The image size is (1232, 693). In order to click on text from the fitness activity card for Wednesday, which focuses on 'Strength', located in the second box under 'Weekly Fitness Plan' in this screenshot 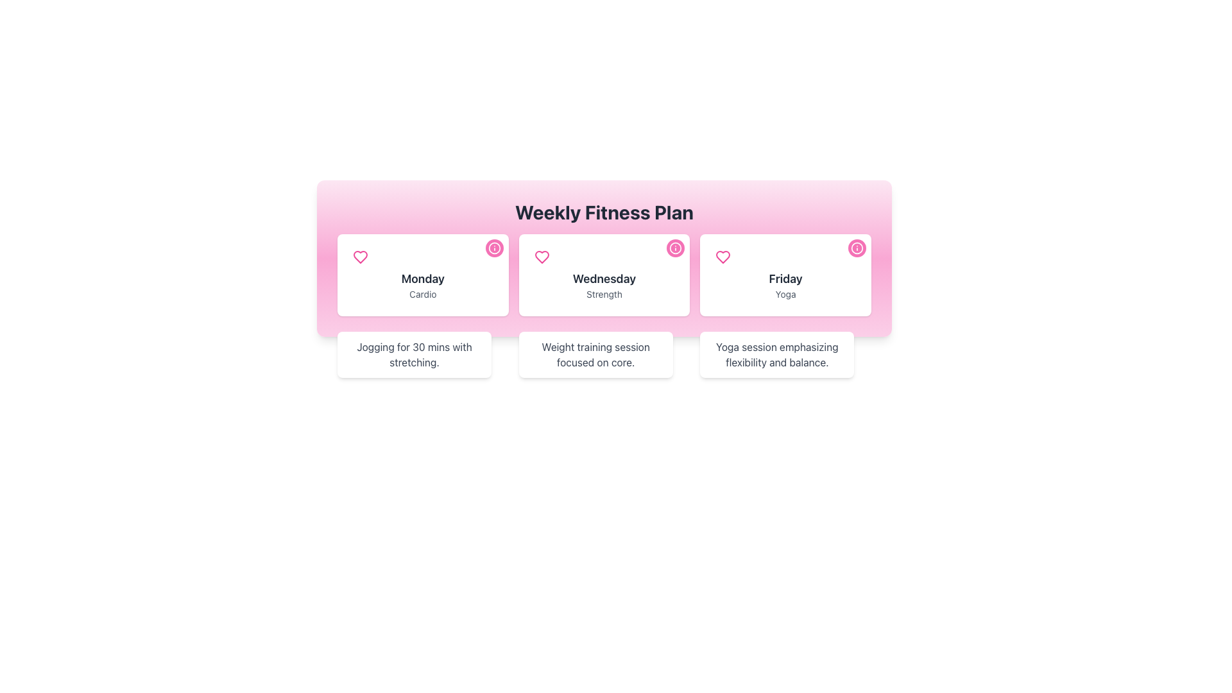, I will do `click(603, 274)`.